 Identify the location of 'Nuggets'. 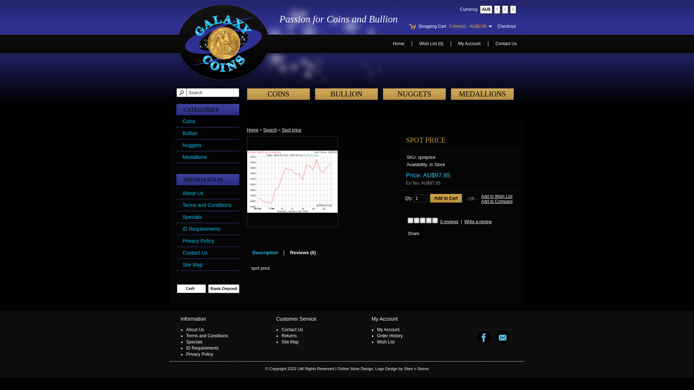
(192, 145).